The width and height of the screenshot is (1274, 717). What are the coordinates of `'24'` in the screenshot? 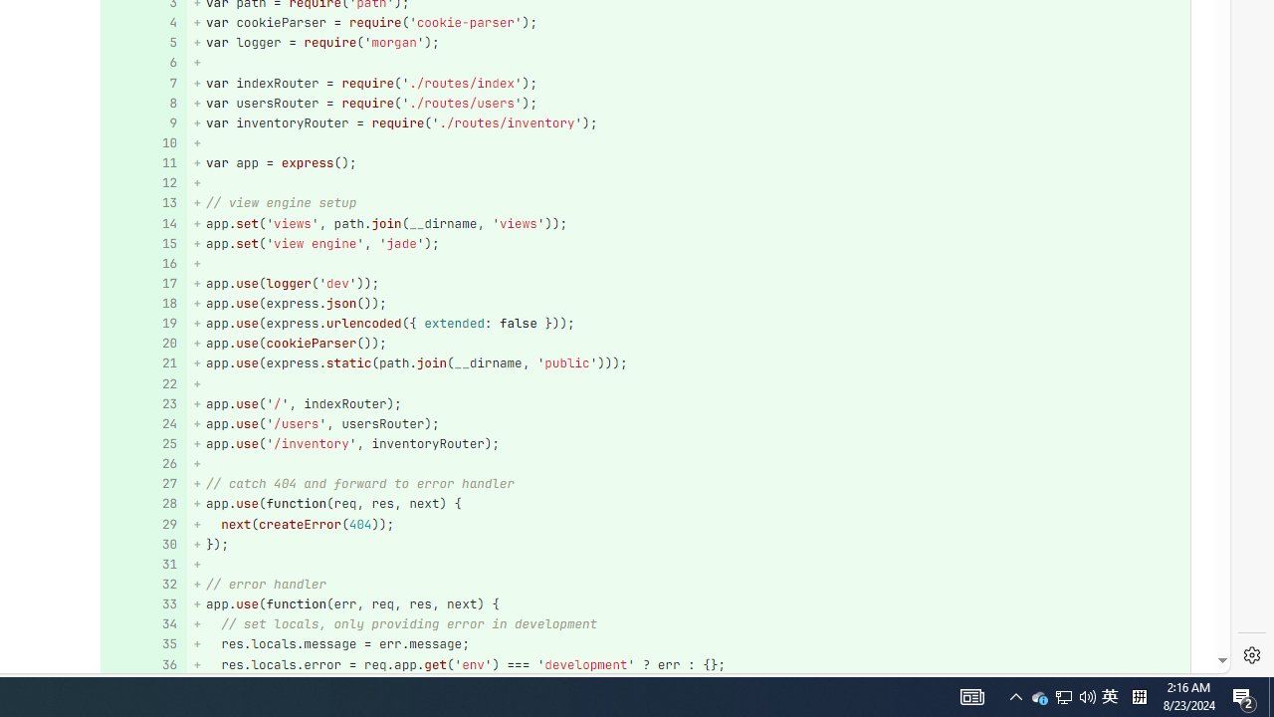 It's located at (140, 422).